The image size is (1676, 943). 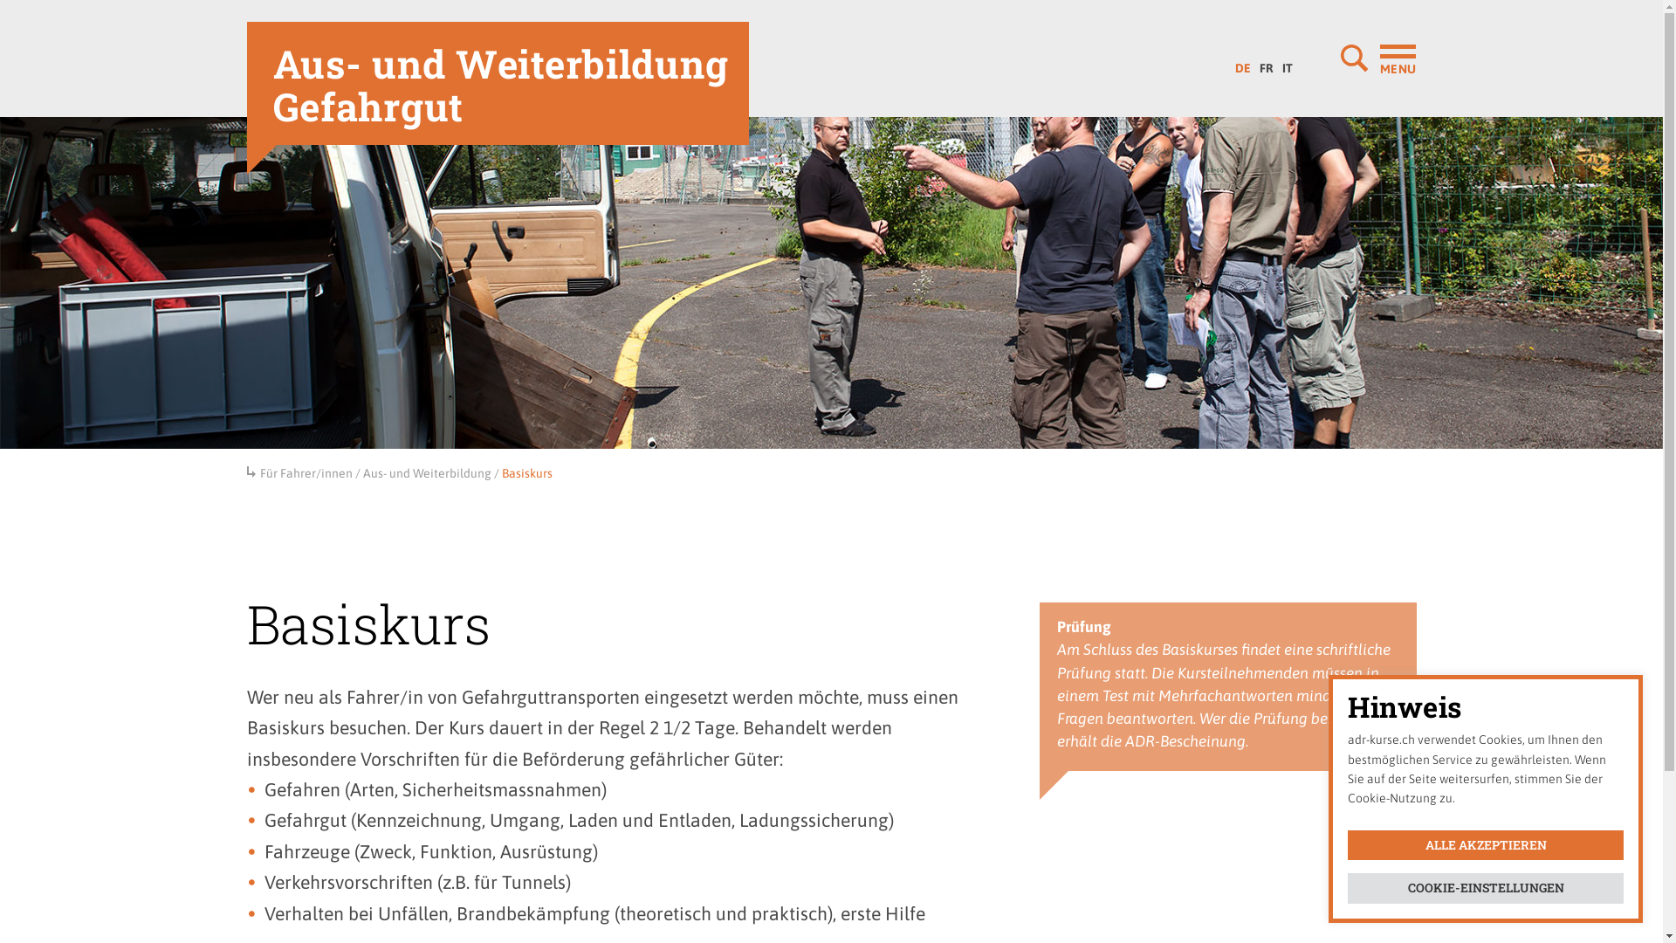 What do you see at coordinates (1230, 63) in the screenshot?
I see `'DE'` at bounding box center [1230, 63].